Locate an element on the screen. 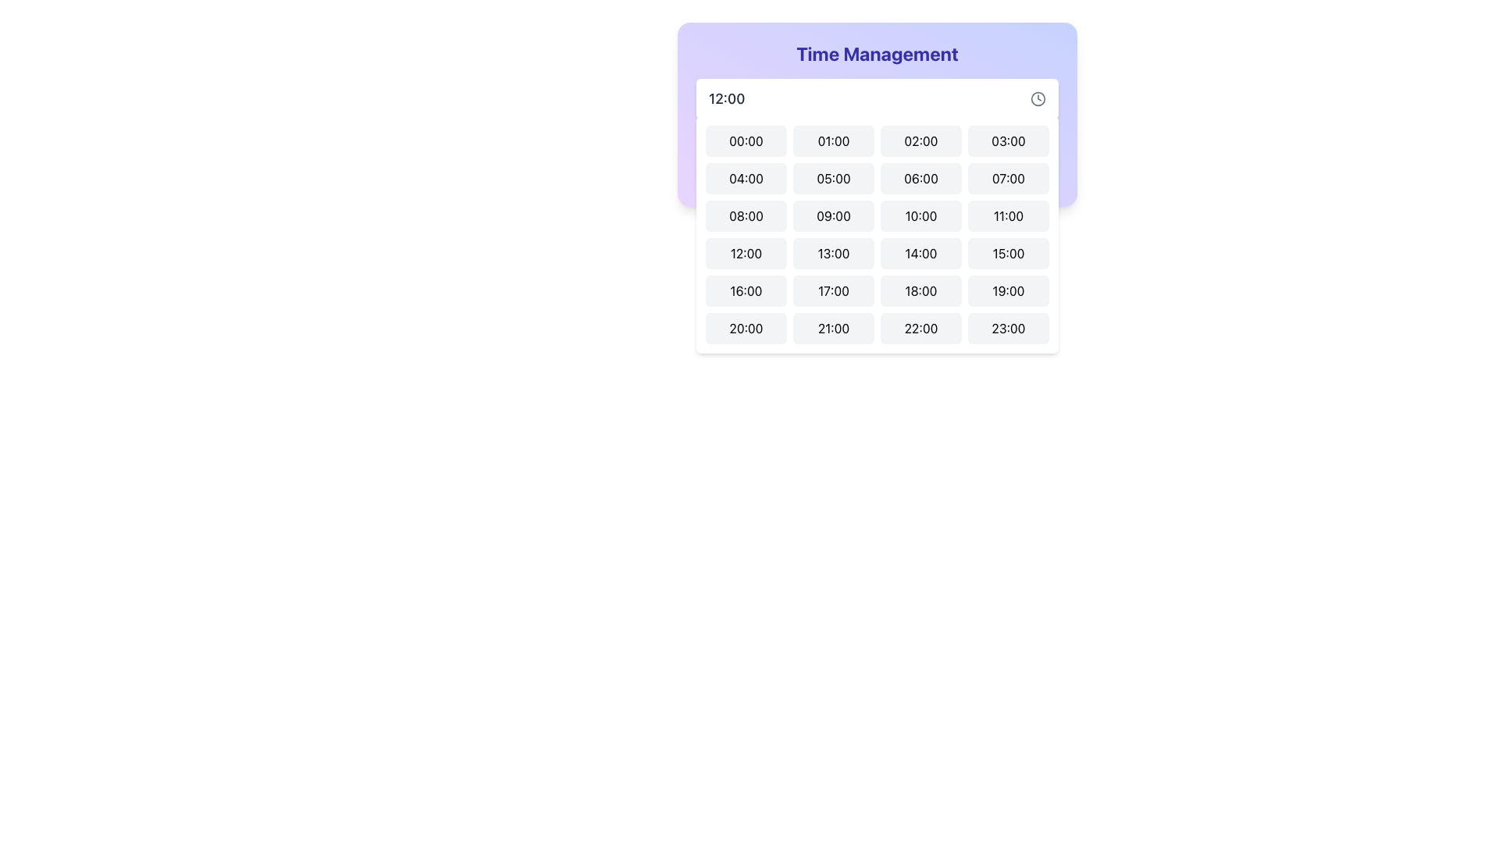  the selectable time slot button for '18:00' located in the fifth row and third column of the grid layout in the 'Time Management' card is located at coordinates (921, 291).